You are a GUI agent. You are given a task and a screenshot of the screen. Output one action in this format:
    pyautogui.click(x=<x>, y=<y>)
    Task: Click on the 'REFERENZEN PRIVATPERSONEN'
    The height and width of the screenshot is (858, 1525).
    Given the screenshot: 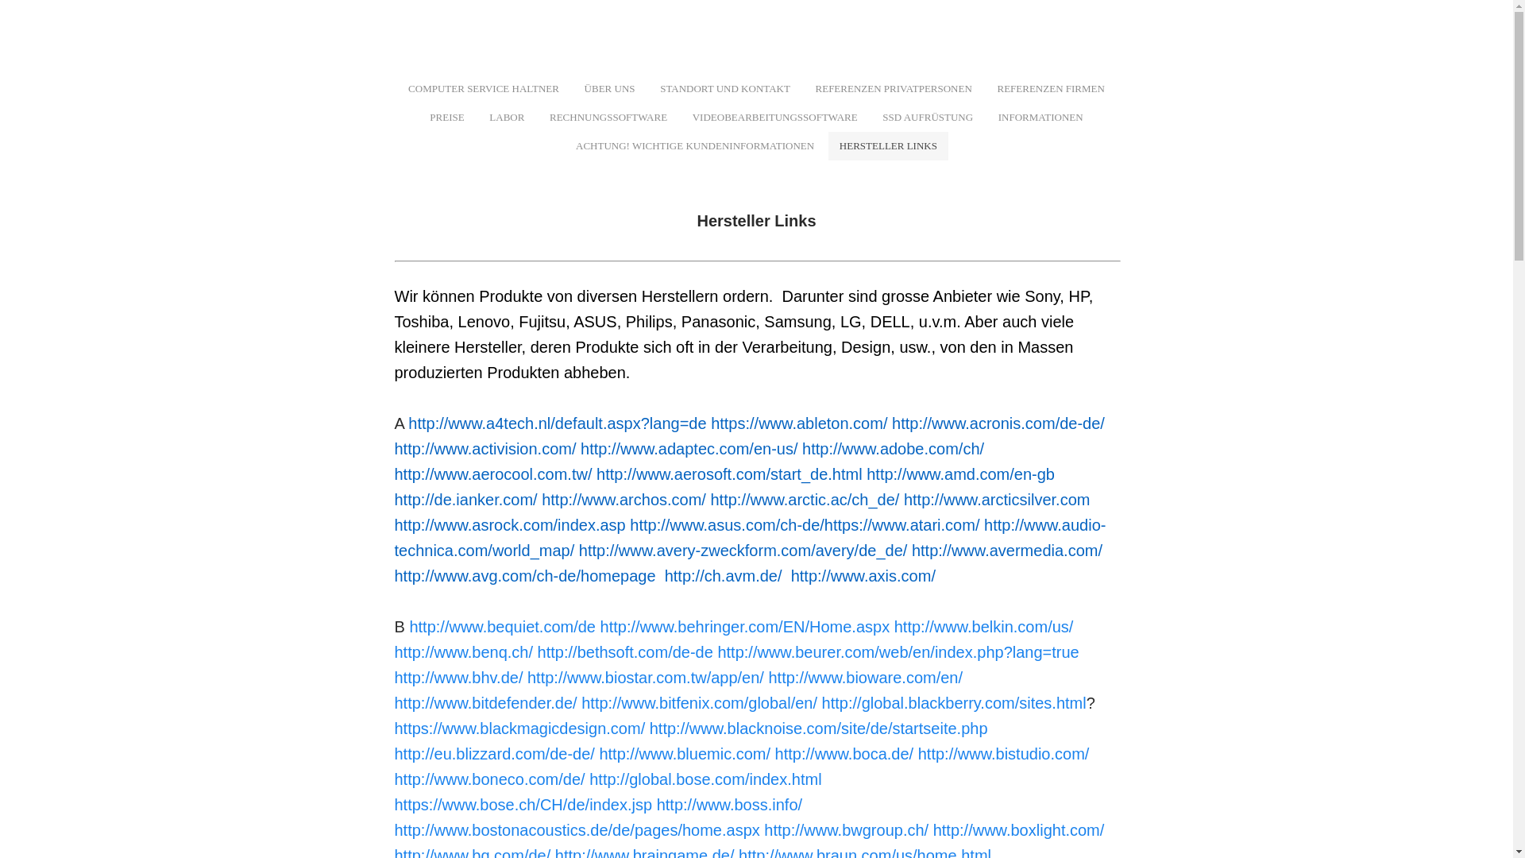 What is the action you would take?
    pyautogui.click(x=894, y=88)
    